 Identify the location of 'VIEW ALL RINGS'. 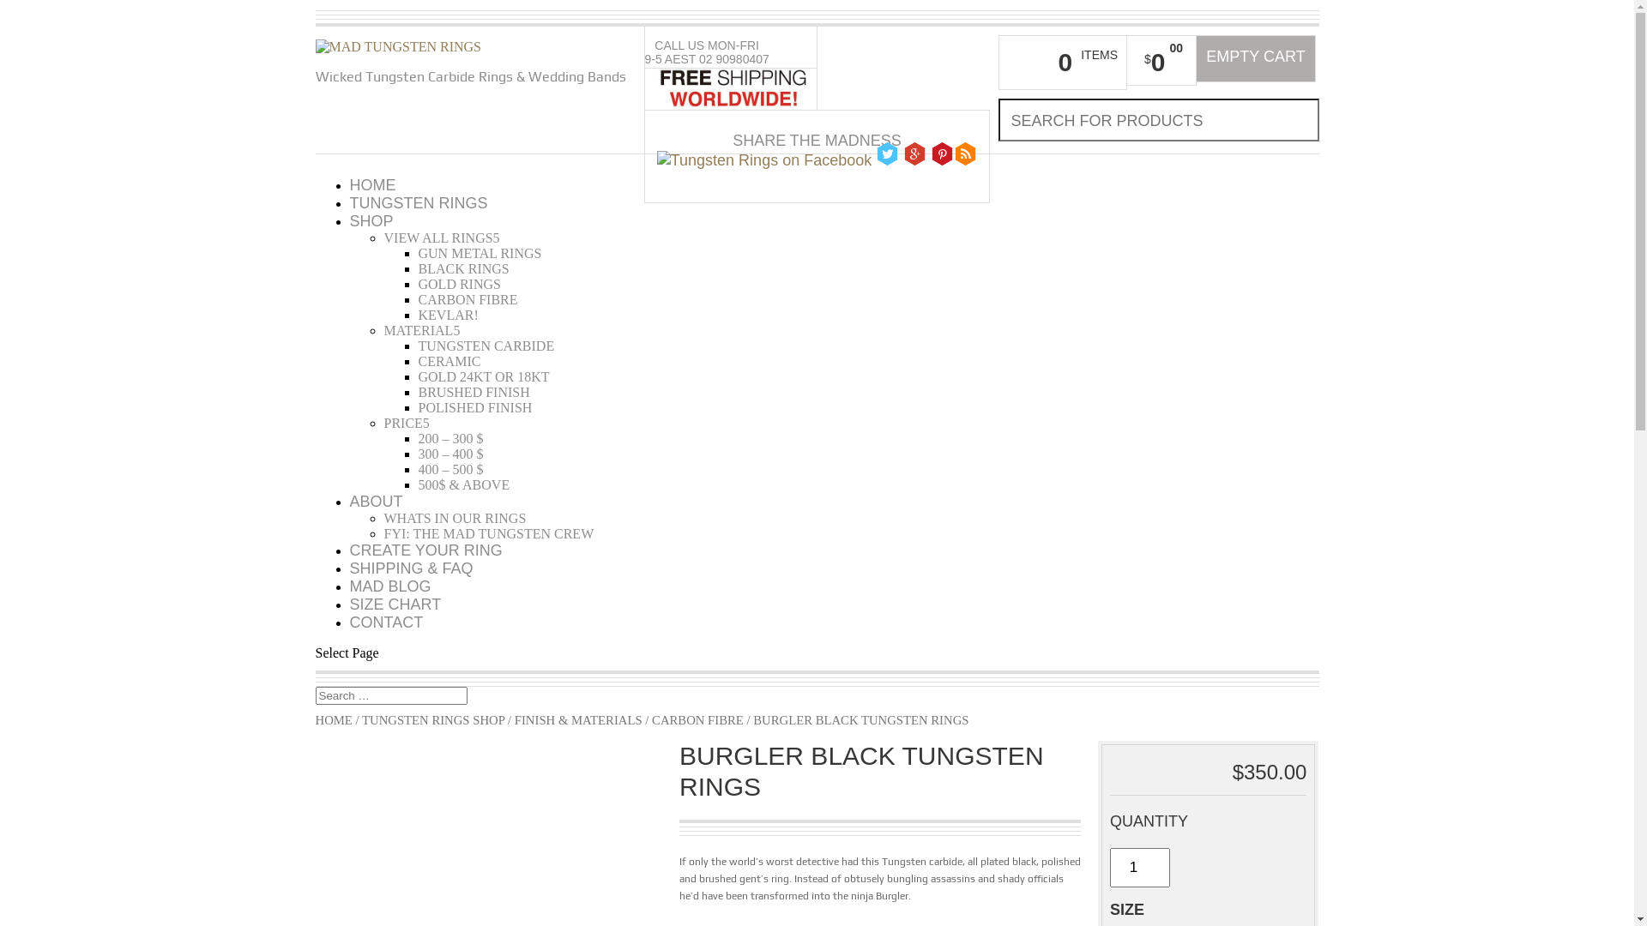
(442, 238).